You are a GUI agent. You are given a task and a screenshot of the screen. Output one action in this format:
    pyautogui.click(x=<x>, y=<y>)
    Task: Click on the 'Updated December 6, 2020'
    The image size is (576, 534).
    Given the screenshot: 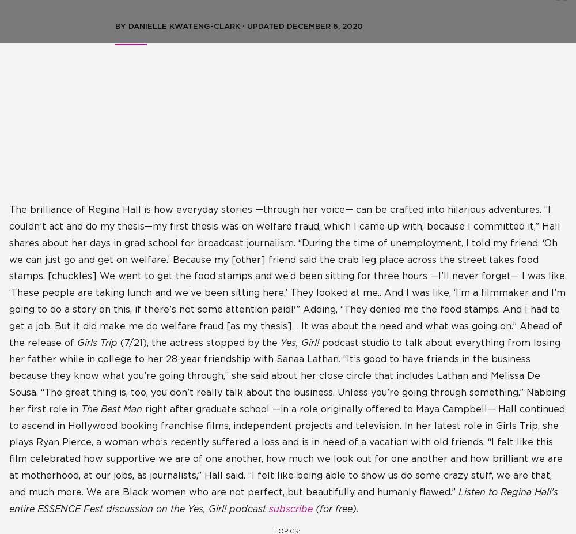 What is the action you would take?
    pyautogui.click(x=305, y=25)
    